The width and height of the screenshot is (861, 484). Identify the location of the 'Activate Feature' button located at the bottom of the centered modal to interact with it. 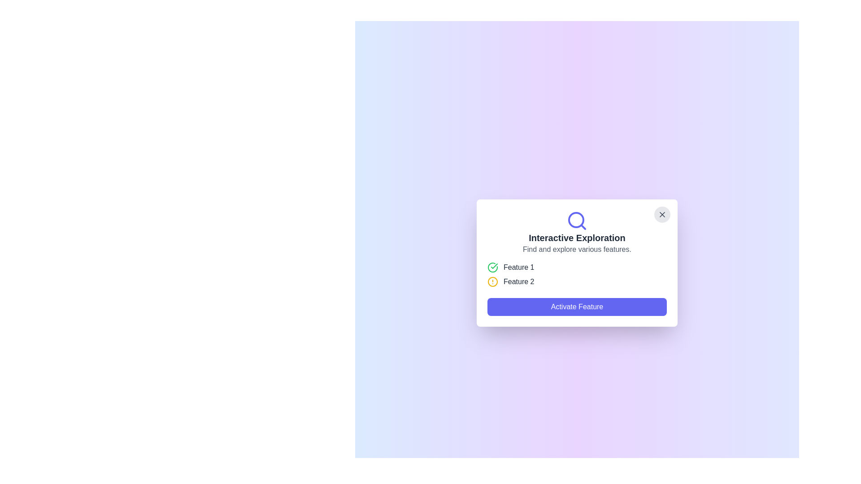
(577, 307).